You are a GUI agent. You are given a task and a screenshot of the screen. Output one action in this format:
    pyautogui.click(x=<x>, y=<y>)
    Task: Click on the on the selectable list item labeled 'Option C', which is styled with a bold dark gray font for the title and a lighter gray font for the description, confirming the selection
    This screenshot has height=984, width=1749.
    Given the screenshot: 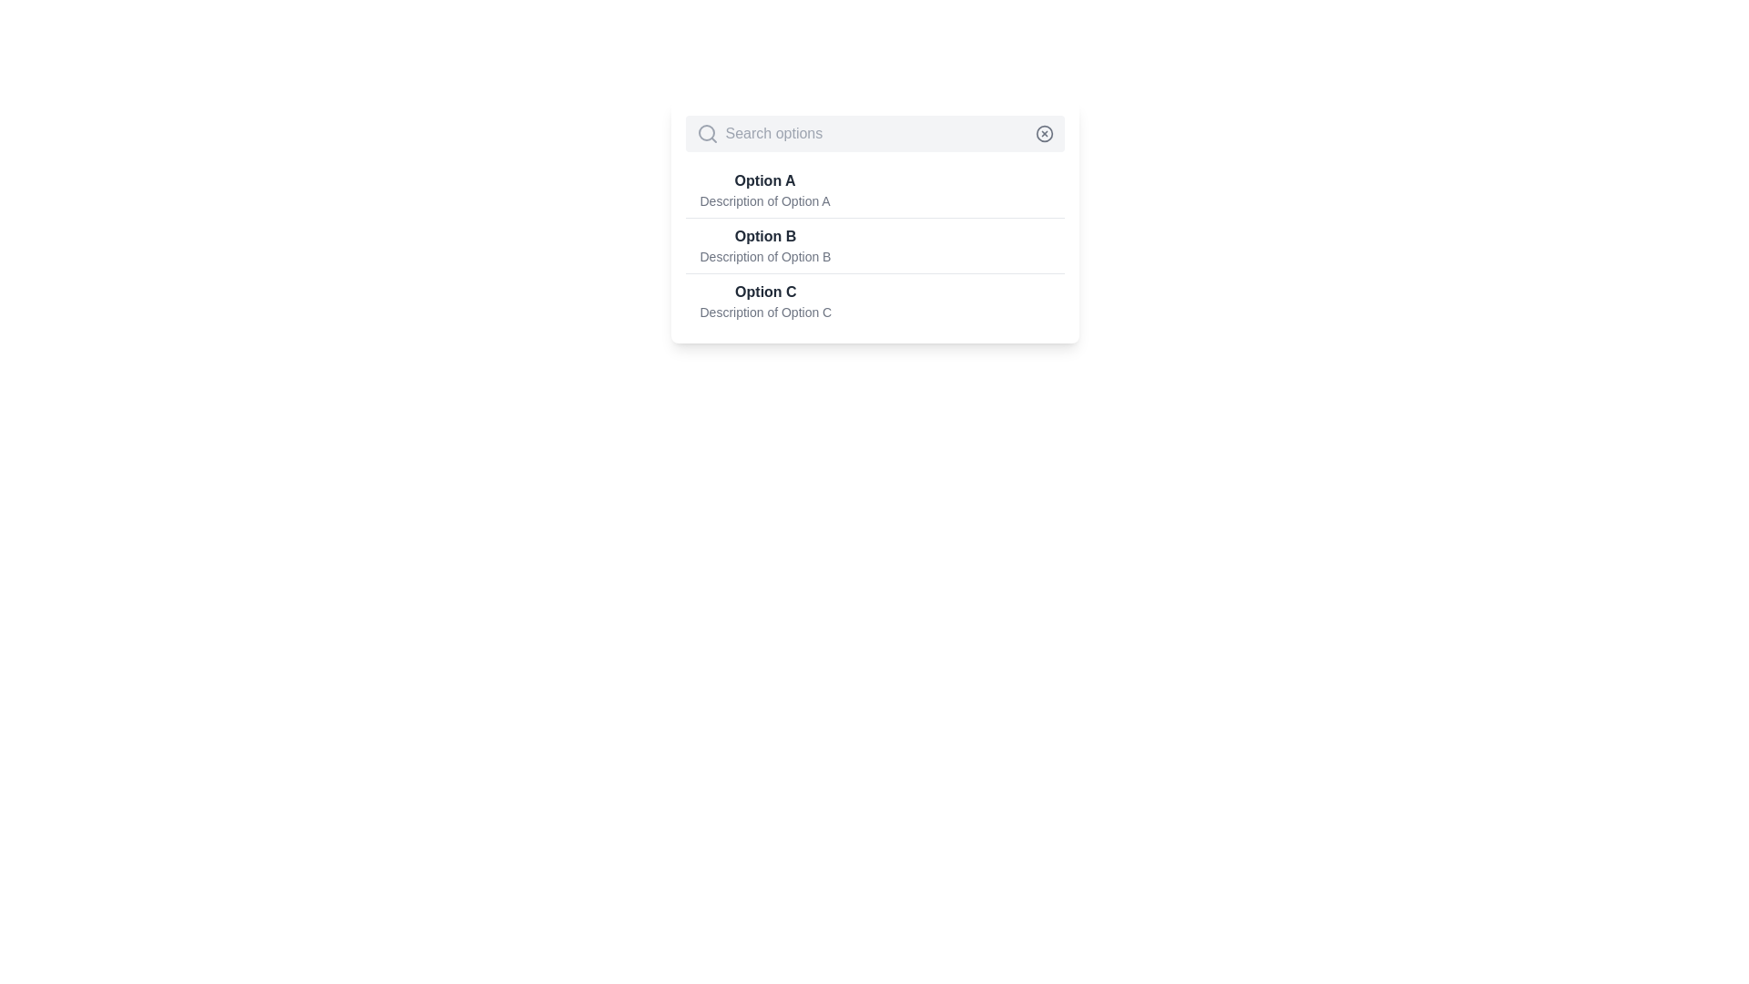 What is the action you would take?
    pyautogui.click(x=765, y=301)
    